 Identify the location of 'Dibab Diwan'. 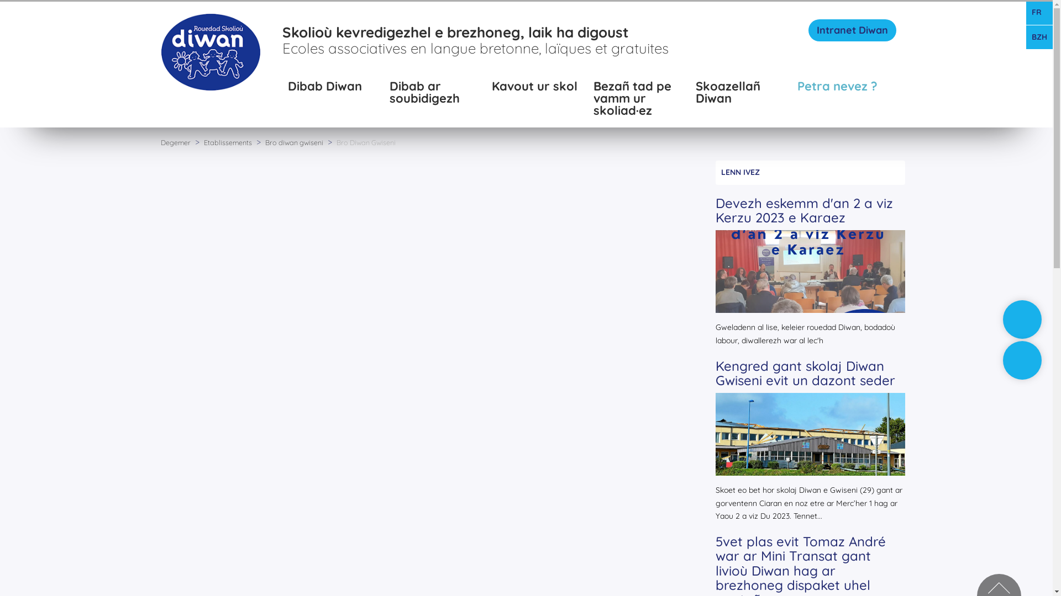
(333, 93).